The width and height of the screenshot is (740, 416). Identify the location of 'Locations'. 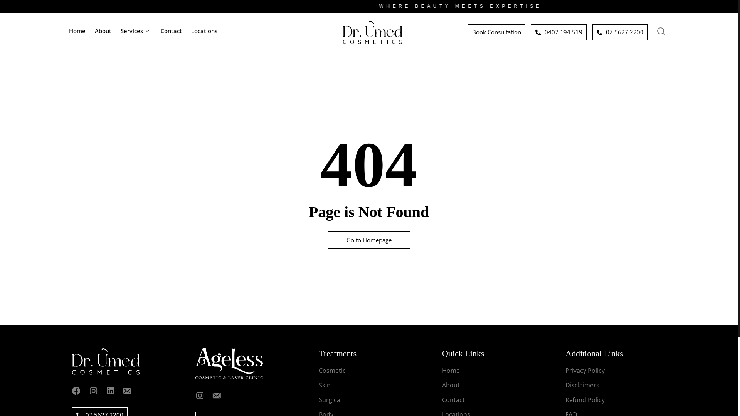
(204, 32).